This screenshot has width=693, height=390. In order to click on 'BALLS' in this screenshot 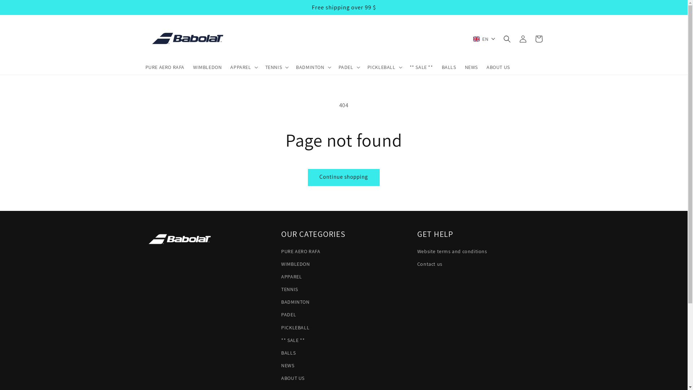, I will do `click(280, 352)`.